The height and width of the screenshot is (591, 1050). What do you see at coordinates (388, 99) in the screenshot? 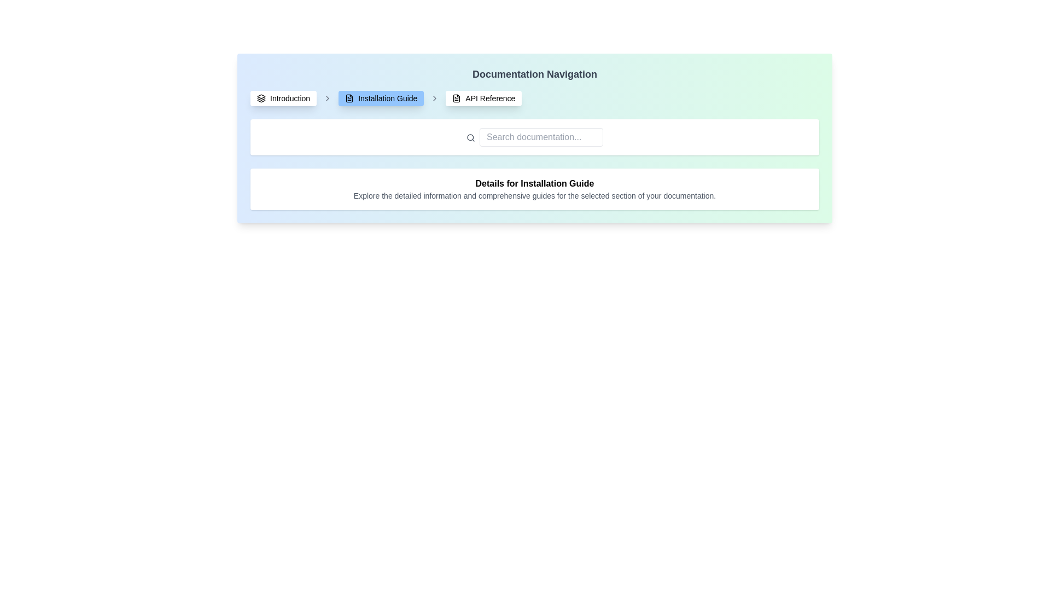
I see `the 'Installation Guide' text label within the breadcrumb navigation button` at bounding box center [388, 99].